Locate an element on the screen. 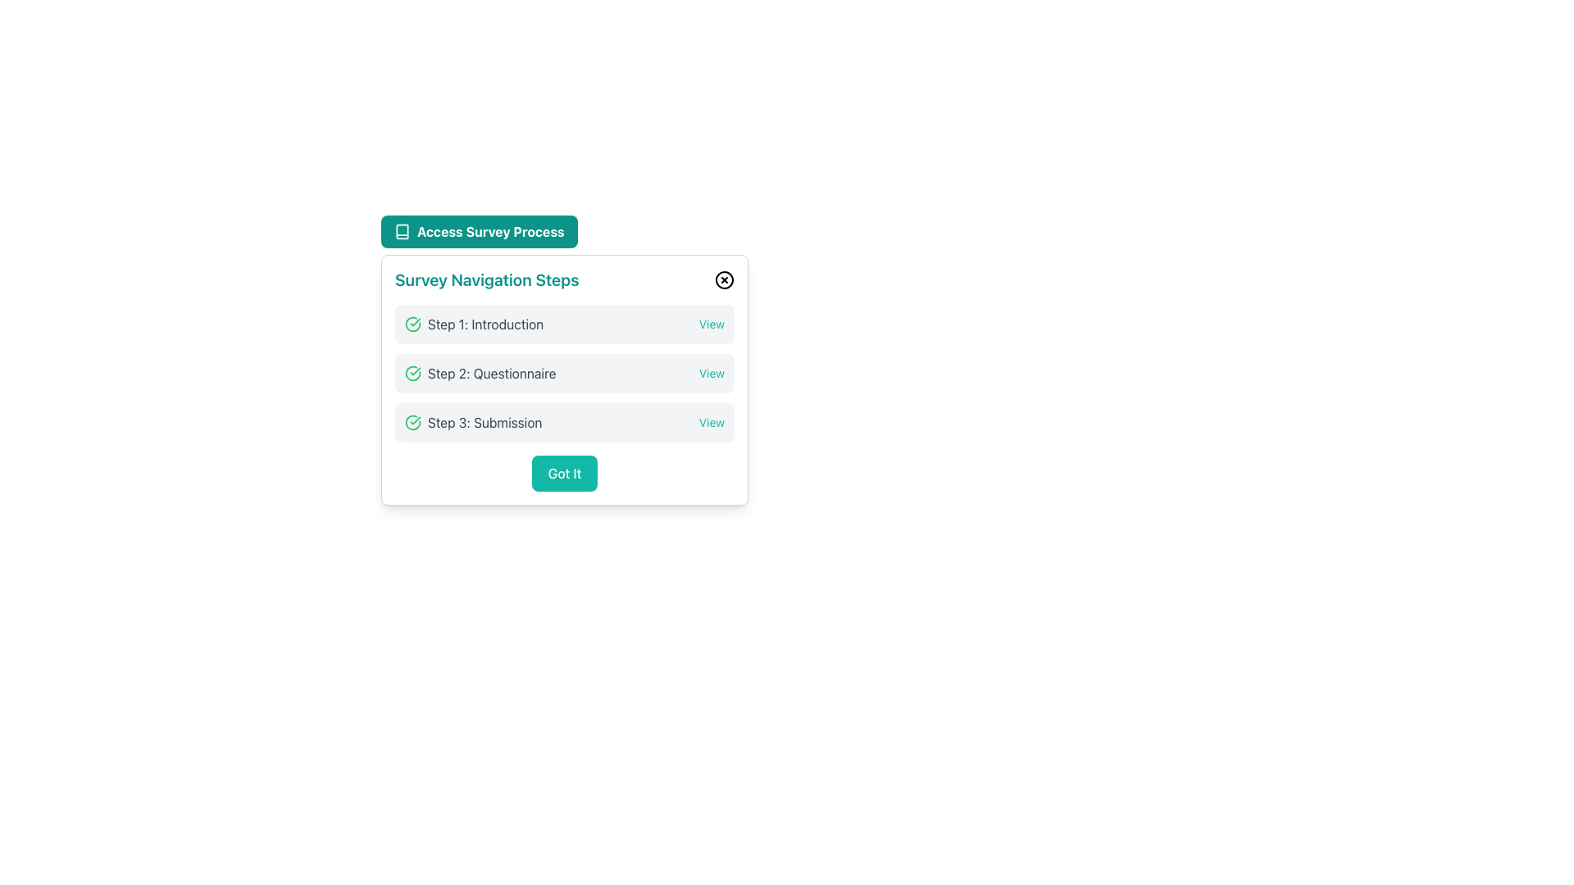  the completion status icon located in the second step of the survey navigation, following the text 'Step 2: Questionnaire' is located at coordinates (413, 373).